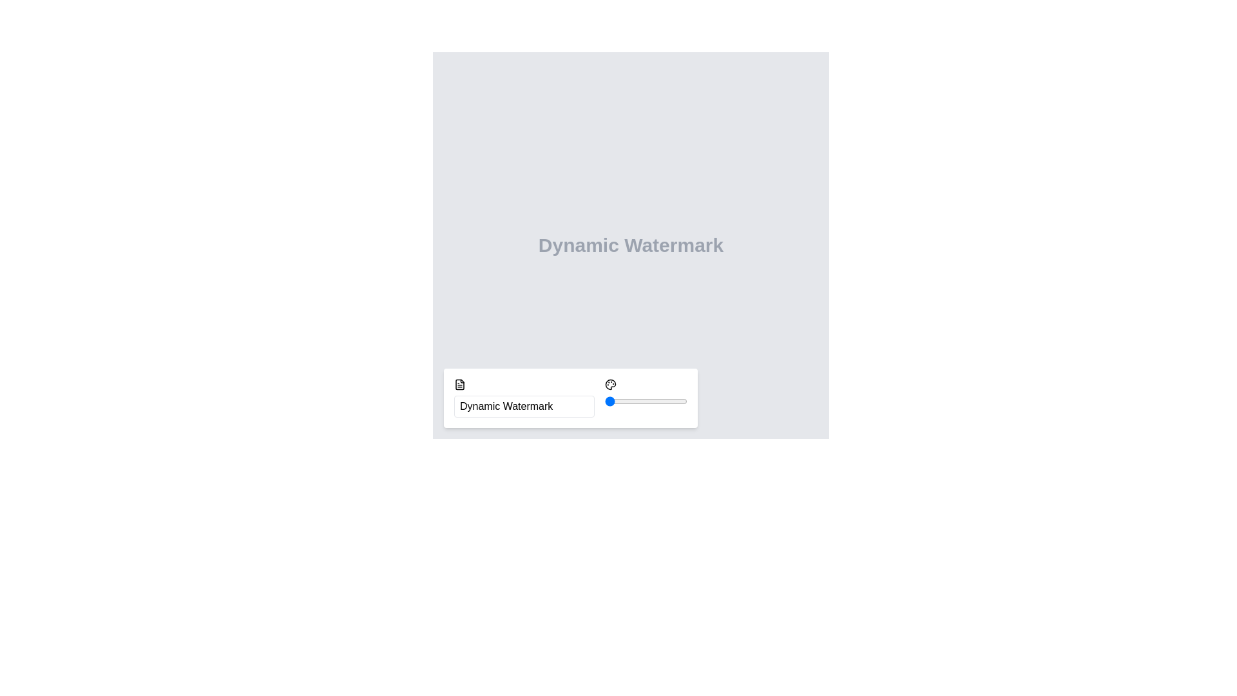  Describe the element at coordinates (460, 384) in the screenshot. I see `the black outlined document icon located at the top left corner of the user interface, next to the 'Dynamic Watermark' text input field` at that location.